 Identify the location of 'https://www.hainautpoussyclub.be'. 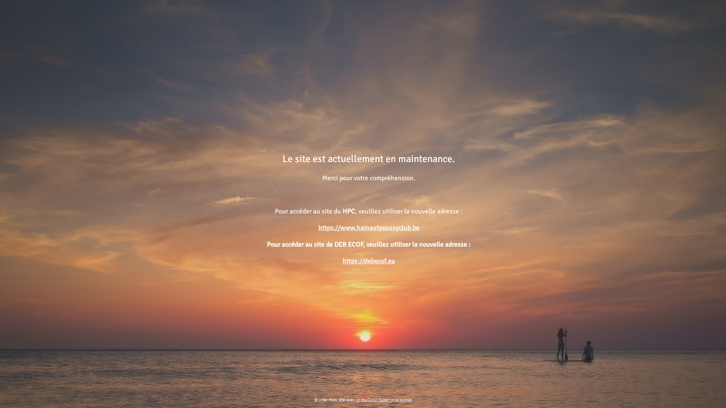
(369, 227).